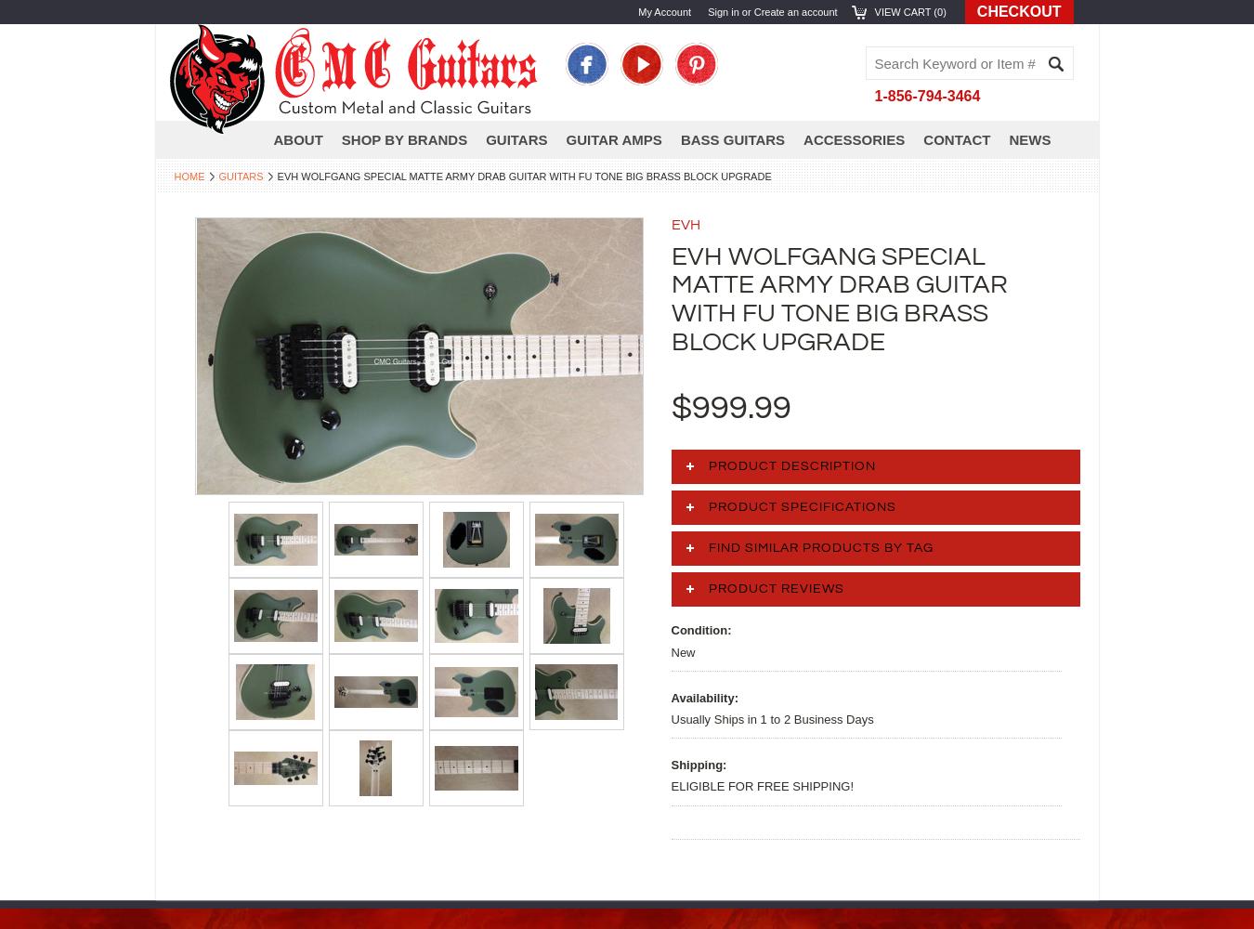  What do you see at coordinates (790, 466) in the screenshot?
I see `'Product Description'` at bounding box center [790, 466].